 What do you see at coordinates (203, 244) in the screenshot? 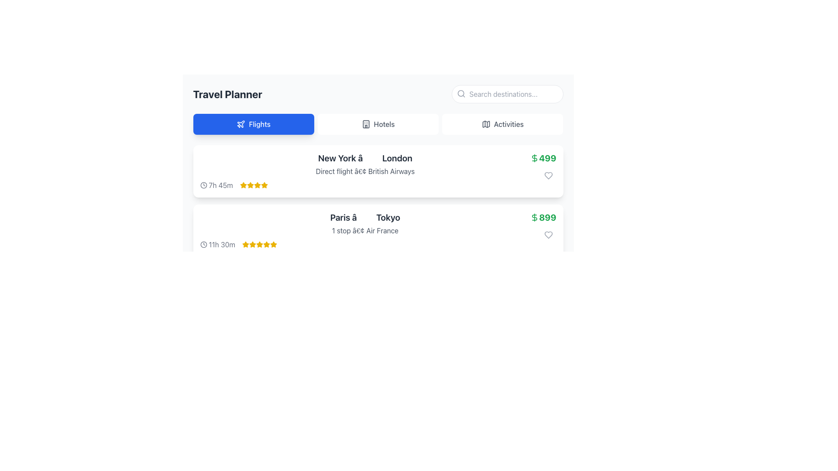
I see `the circular icon styled as part of a clock illustration in the travel planning interface, located near the top left corner of the flight details card adjacent to the text duration` at bounding box center [203, 244].